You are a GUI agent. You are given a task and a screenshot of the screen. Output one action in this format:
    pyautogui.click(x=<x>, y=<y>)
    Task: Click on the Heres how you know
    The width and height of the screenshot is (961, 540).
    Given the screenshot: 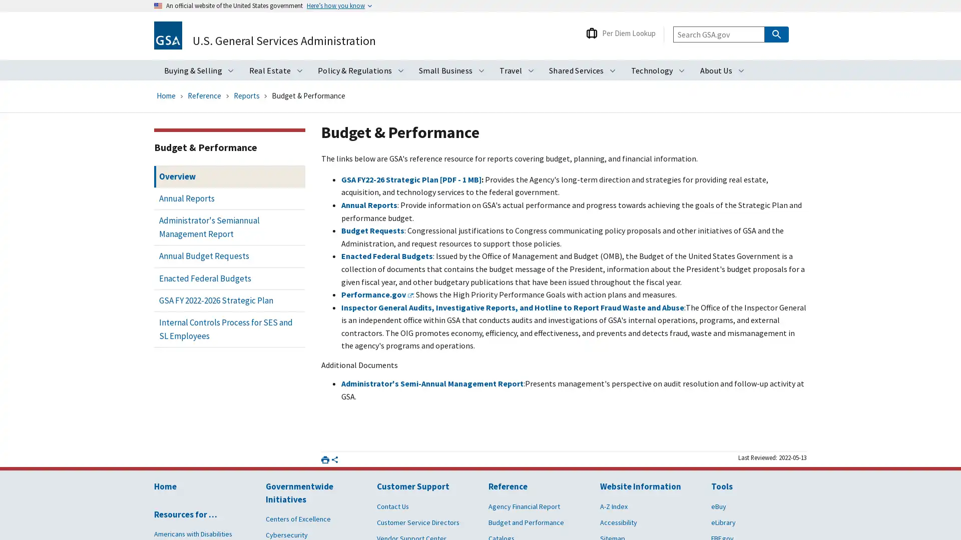 What is the action you would take?
    pyautogui.click(x=336, y=5)
    